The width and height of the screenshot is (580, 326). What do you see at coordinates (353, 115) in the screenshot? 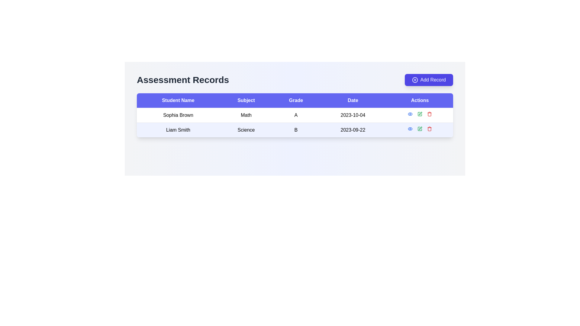
I see `the text label indicating the recorded date of an event, located in the fourth column of the first row beneath the 'Date' header, aligned with 'Sophia Brown' and 'Math'` at bounding box center [353, 115].